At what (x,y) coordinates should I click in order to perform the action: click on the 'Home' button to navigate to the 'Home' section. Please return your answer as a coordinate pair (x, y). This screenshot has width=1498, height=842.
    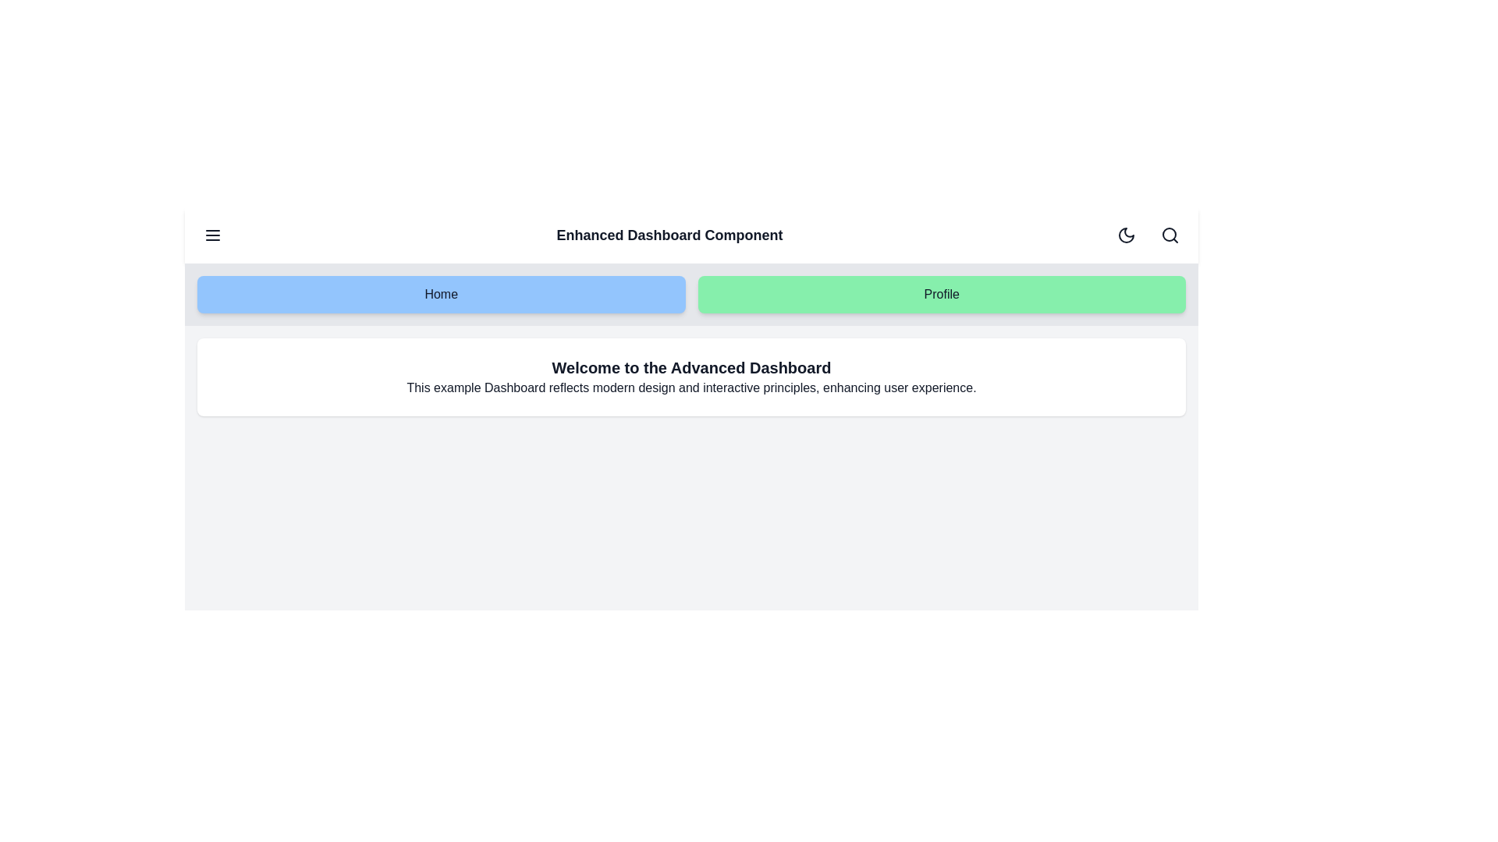
    Looking at the image, I should click on (440, 295).